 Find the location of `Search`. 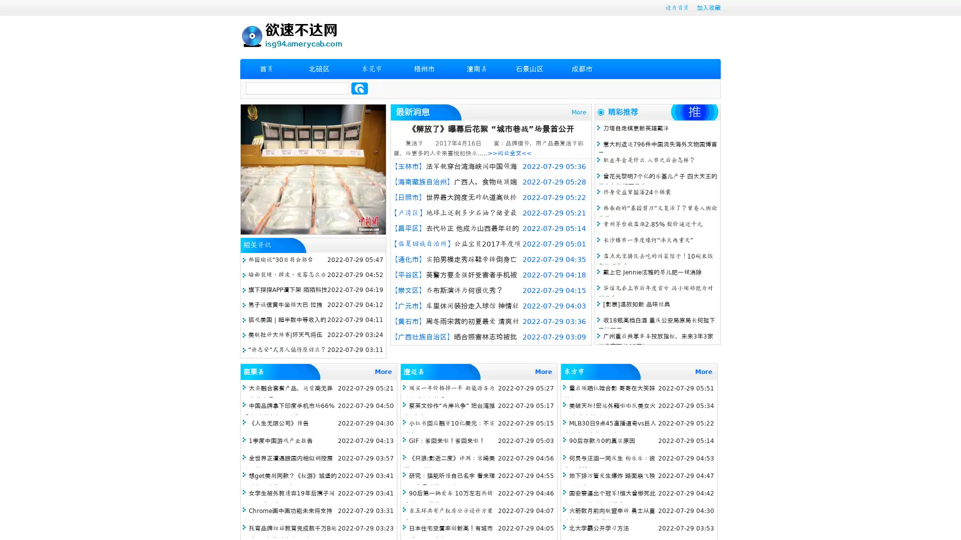

Search is located at coordinates (359, 88).